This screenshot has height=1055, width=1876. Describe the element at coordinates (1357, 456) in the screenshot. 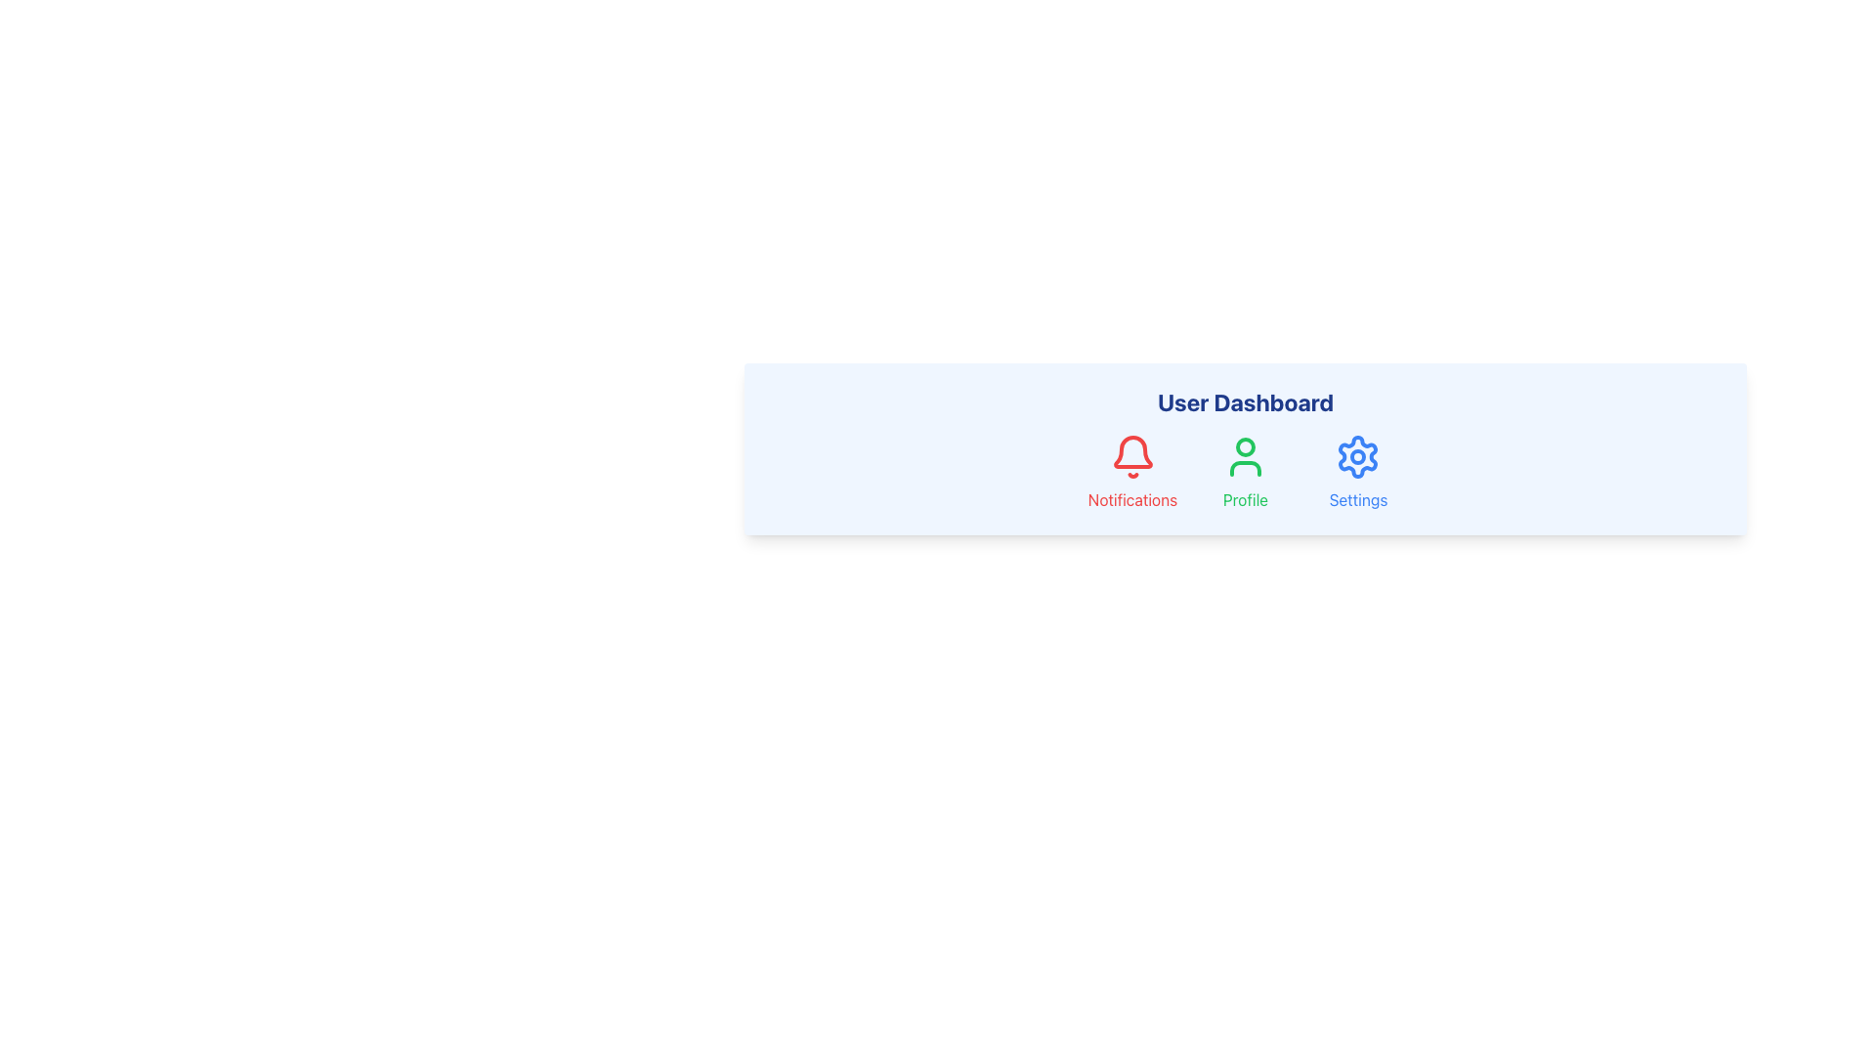

I see `the settings icon, which is the third icon in a row of three, positioned at the top-right of the UI` at that location.